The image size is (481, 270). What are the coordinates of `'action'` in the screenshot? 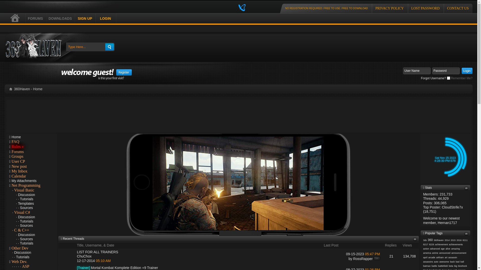 It's located at (426, 249).